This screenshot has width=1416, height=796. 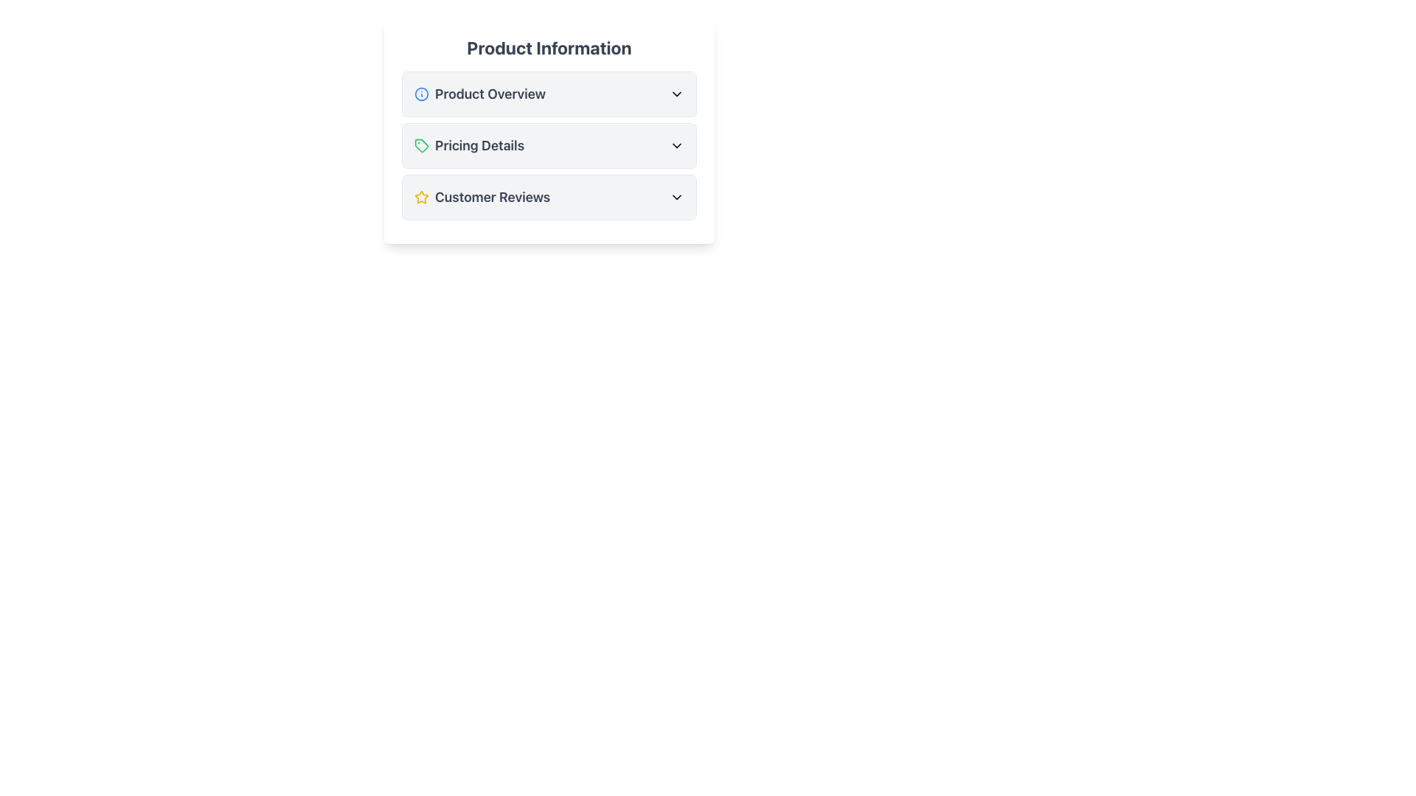 I want to click on the text label that indicates the heading of the collapsible section for product overview, located in the 'Product Information' list section, immediately after the blue information icon, so click(x=490, y=94).